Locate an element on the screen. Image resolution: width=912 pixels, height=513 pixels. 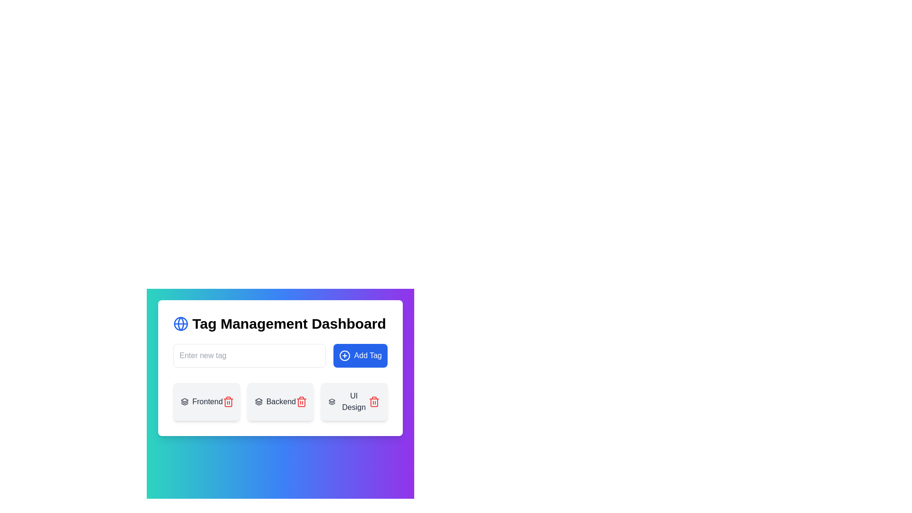
the 'Backend' card component is located at coordinates (280, 388).